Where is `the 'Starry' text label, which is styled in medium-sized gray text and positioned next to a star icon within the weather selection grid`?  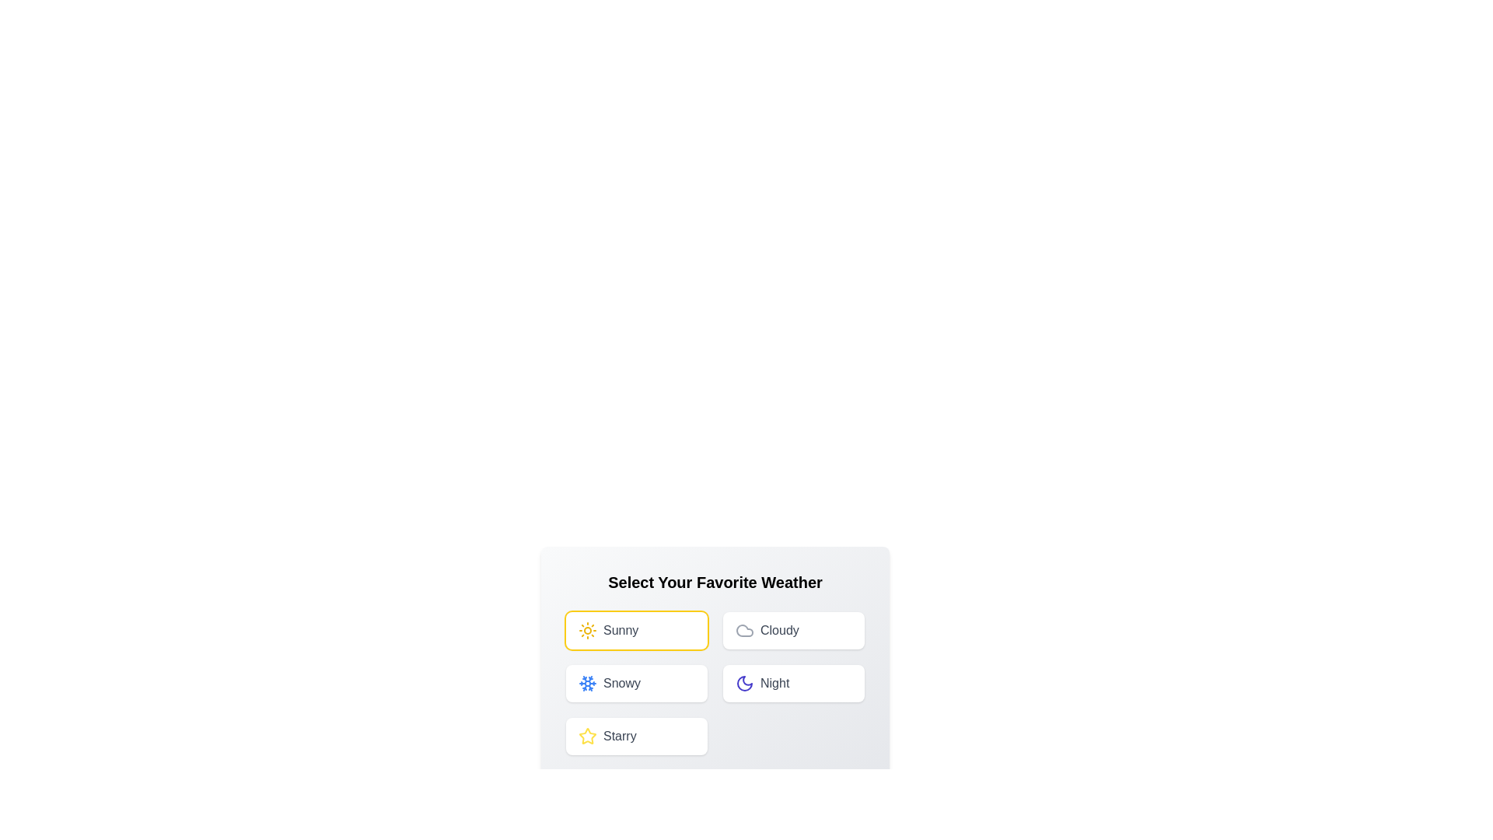 the 'Starry' text label, which is styled in medium-sized gray text and positioned next to a star icon within the weather selection grid is located at coordinates (619, 736).